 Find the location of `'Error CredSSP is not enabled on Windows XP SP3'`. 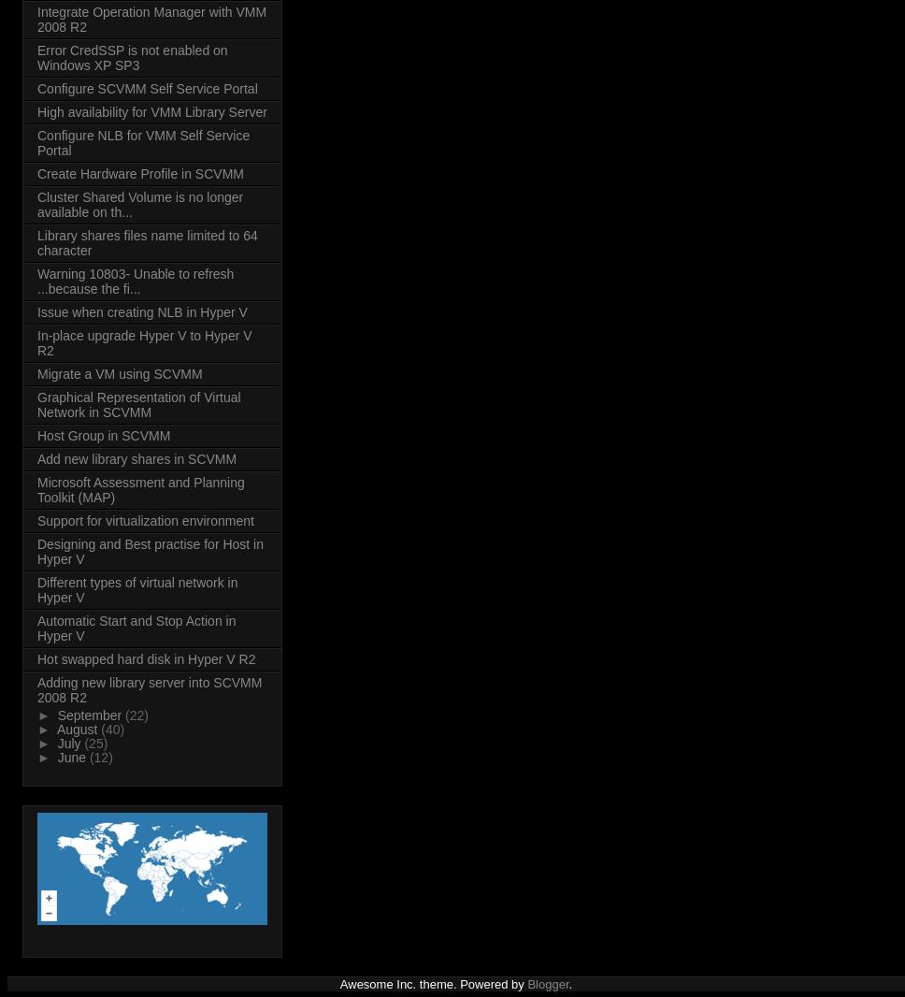

'Error CredSSP is not enabled on Windows XP SP3' is located at coordinates (131, 57).